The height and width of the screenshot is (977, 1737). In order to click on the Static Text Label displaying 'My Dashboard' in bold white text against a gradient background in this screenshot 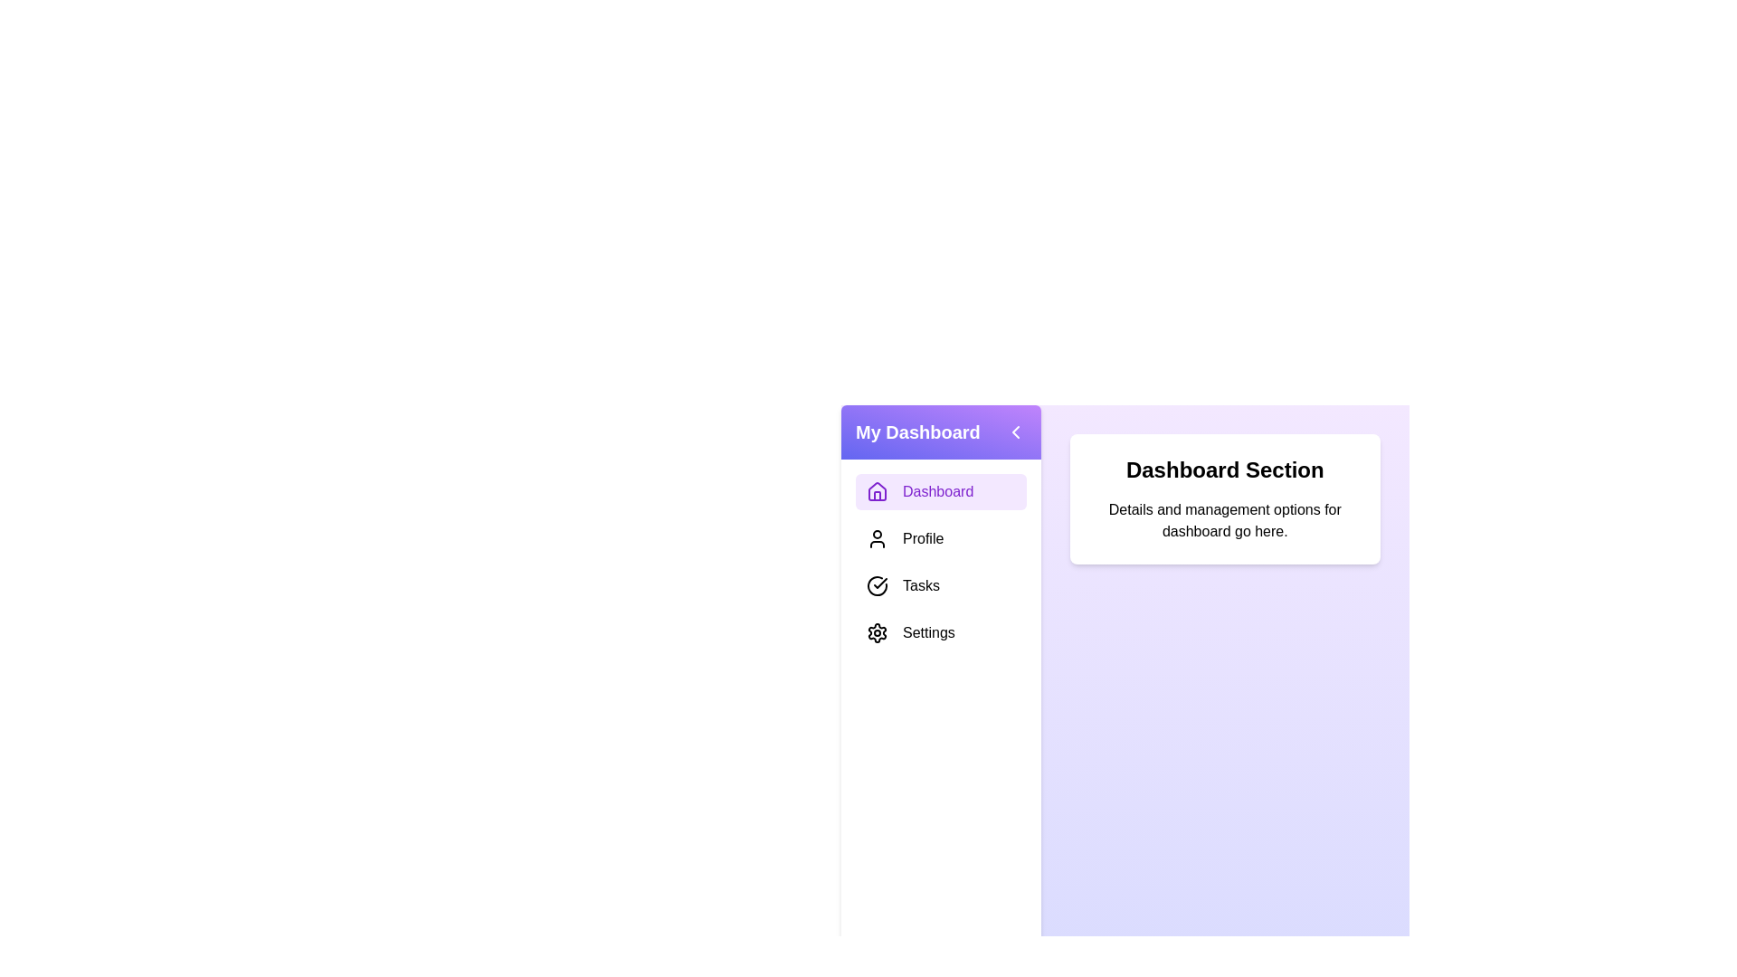, I will do `click(917, 432)`.